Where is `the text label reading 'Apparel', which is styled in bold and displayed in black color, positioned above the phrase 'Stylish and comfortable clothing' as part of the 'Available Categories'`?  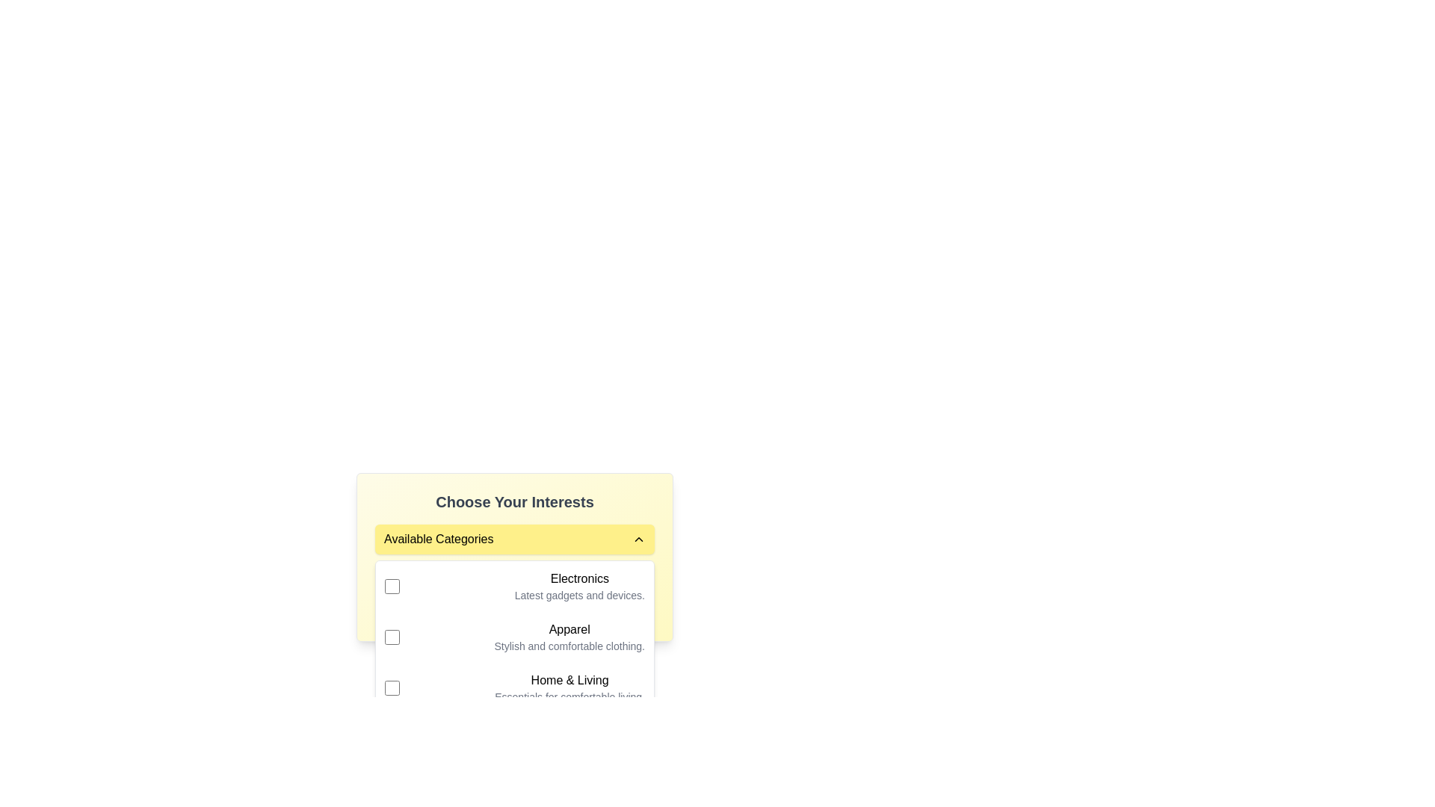 the text label reading 'Apparel', which is styled in bold and displayed in black color, positioned above the phrase 'Stylish and comfortable clothing' as part of the 'Available Categories' is located at coordinates (569, 630).